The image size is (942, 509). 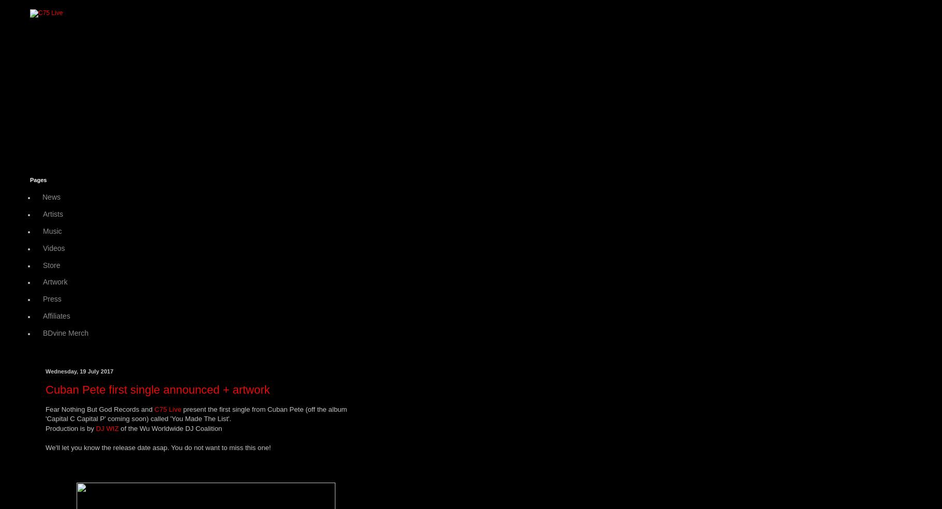 I want to click on 'Music', so click(x=52, y=231).